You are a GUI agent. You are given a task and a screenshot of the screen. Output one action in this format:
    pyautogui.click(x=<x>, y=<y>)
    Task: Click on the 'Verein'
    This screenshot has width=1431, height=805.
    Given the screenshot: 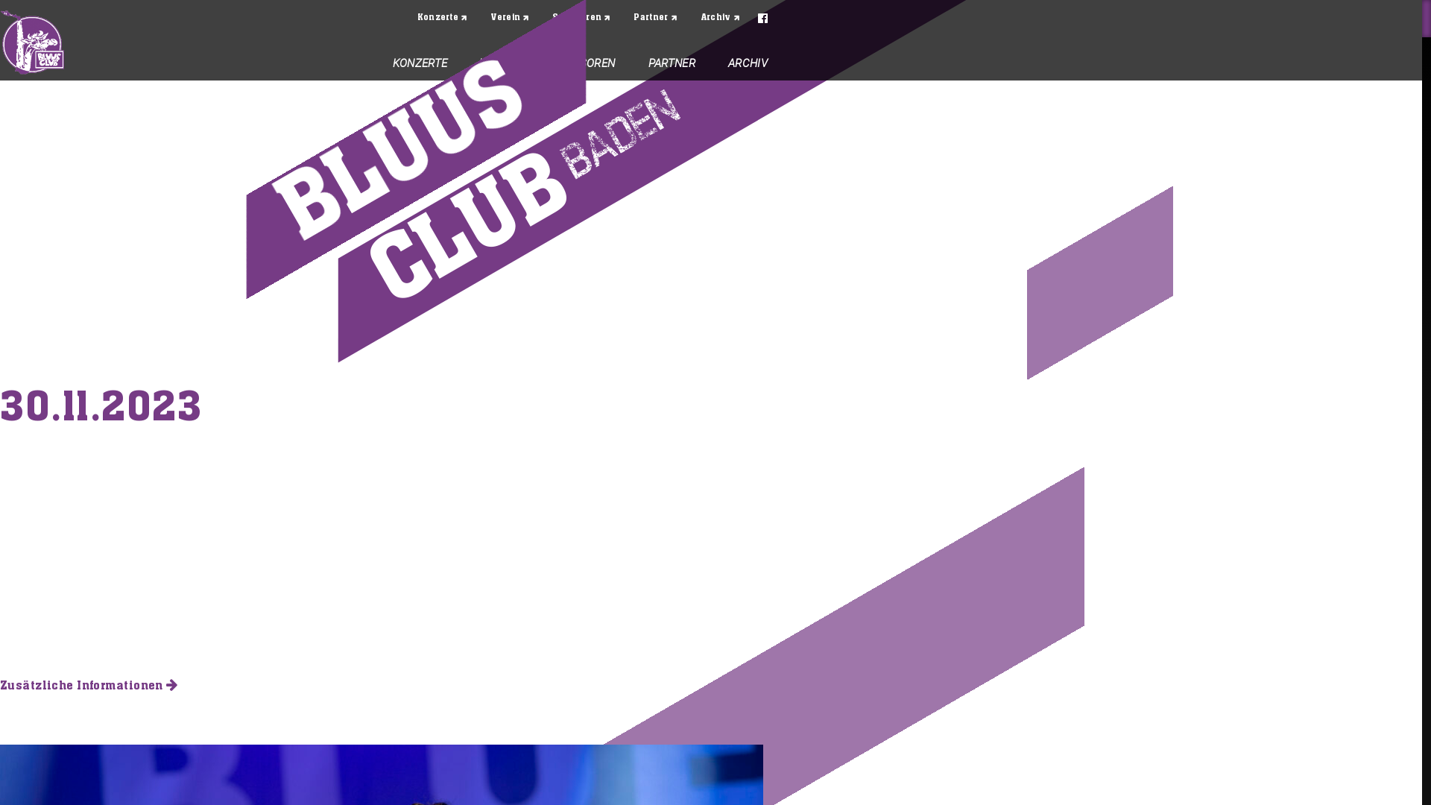 What is the action you would take?
    pyautogui.click(x=510, y=17)
    